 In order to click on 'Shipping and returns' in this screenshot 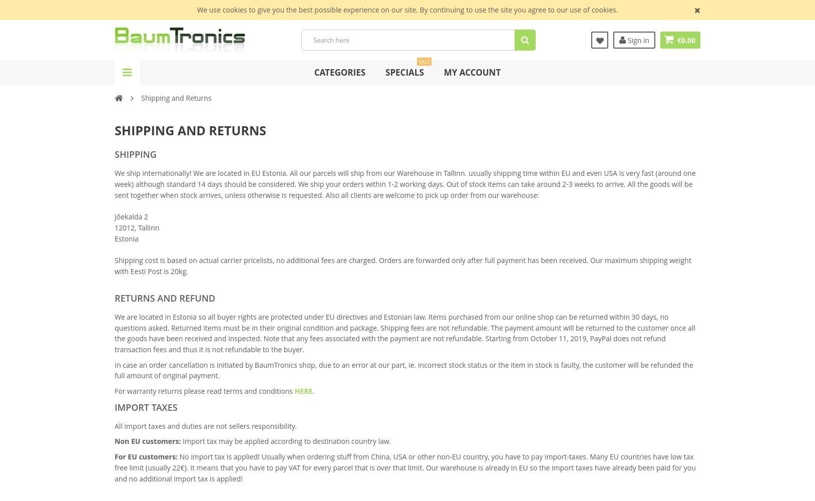, I will do `click(190, 130)`.